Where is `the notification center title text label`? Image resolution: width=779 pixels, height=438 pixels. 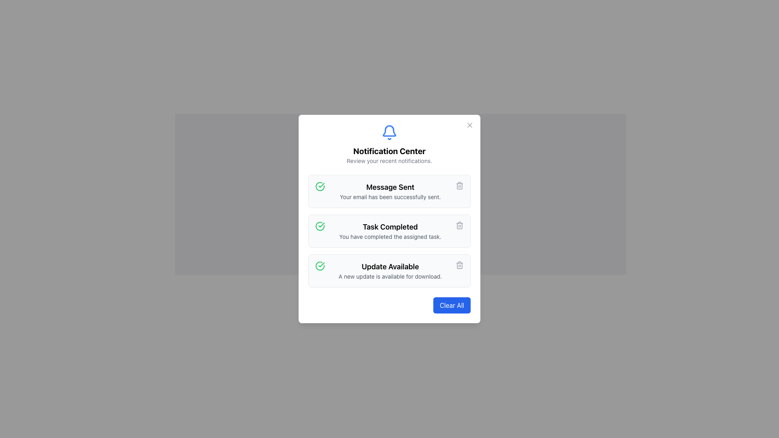
the notification center title text label is located at coordinates (389, 151).